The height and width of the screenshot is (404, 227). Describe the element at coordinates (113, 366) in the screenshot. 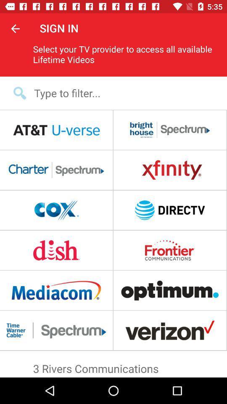

I see `3 rivers communications icon` at that location.